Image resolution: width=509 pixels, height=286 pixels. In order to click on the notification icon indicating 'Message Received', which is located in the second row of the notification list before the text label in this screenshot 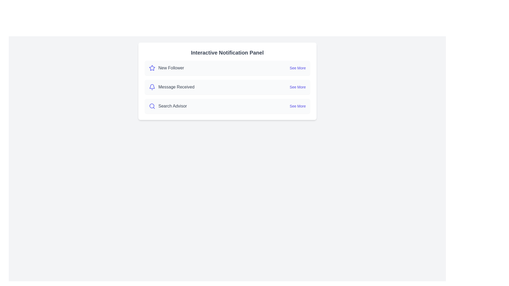, I will do `click(152, 87)`.